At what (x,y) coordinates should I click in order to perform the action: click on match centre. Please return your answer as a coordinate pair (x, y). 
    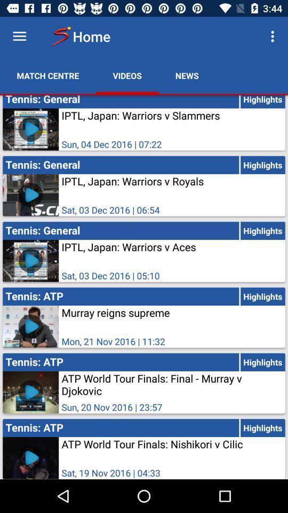
    Looking at the image, I should click on (47, 75).